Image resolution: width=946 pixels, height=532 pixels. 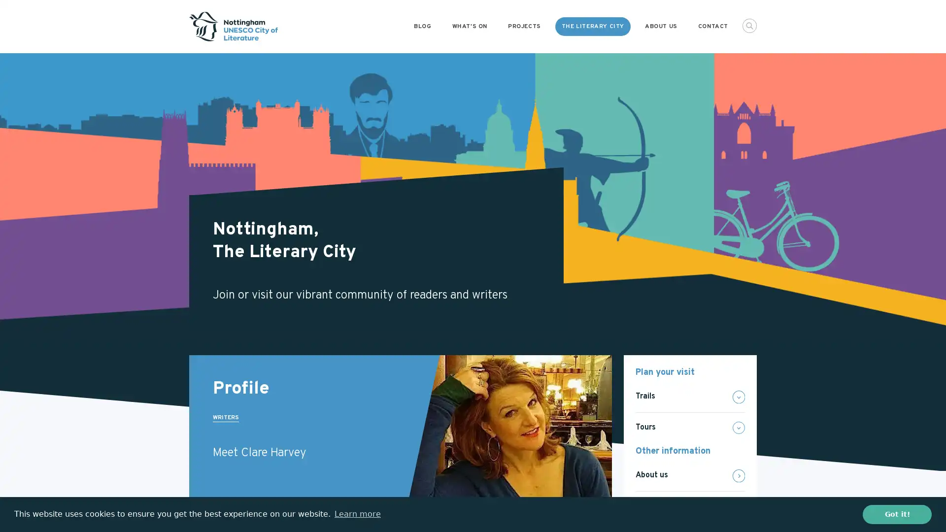 I want to click on learn more about cookies, so click(x=357, y=514).